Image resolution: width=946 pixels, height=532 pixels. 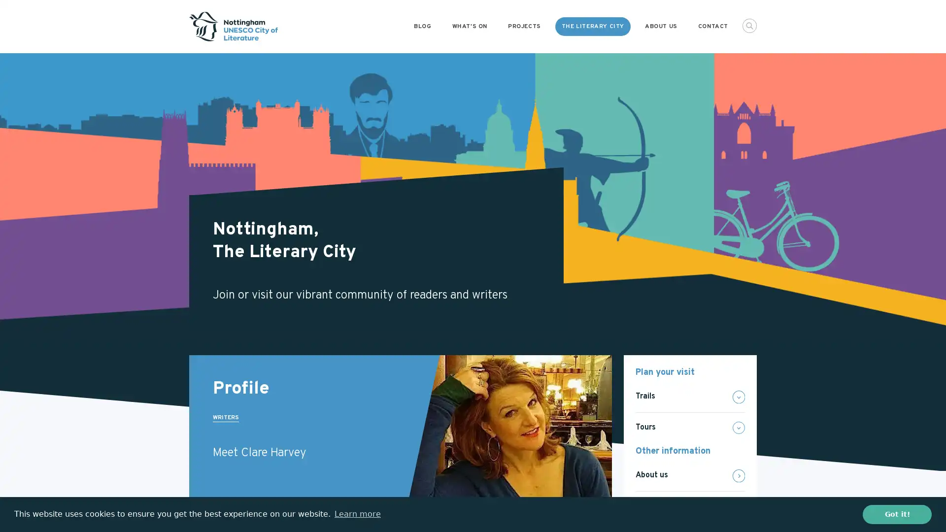 I want to click on learn more about cookies, so click(x=357, y=514).